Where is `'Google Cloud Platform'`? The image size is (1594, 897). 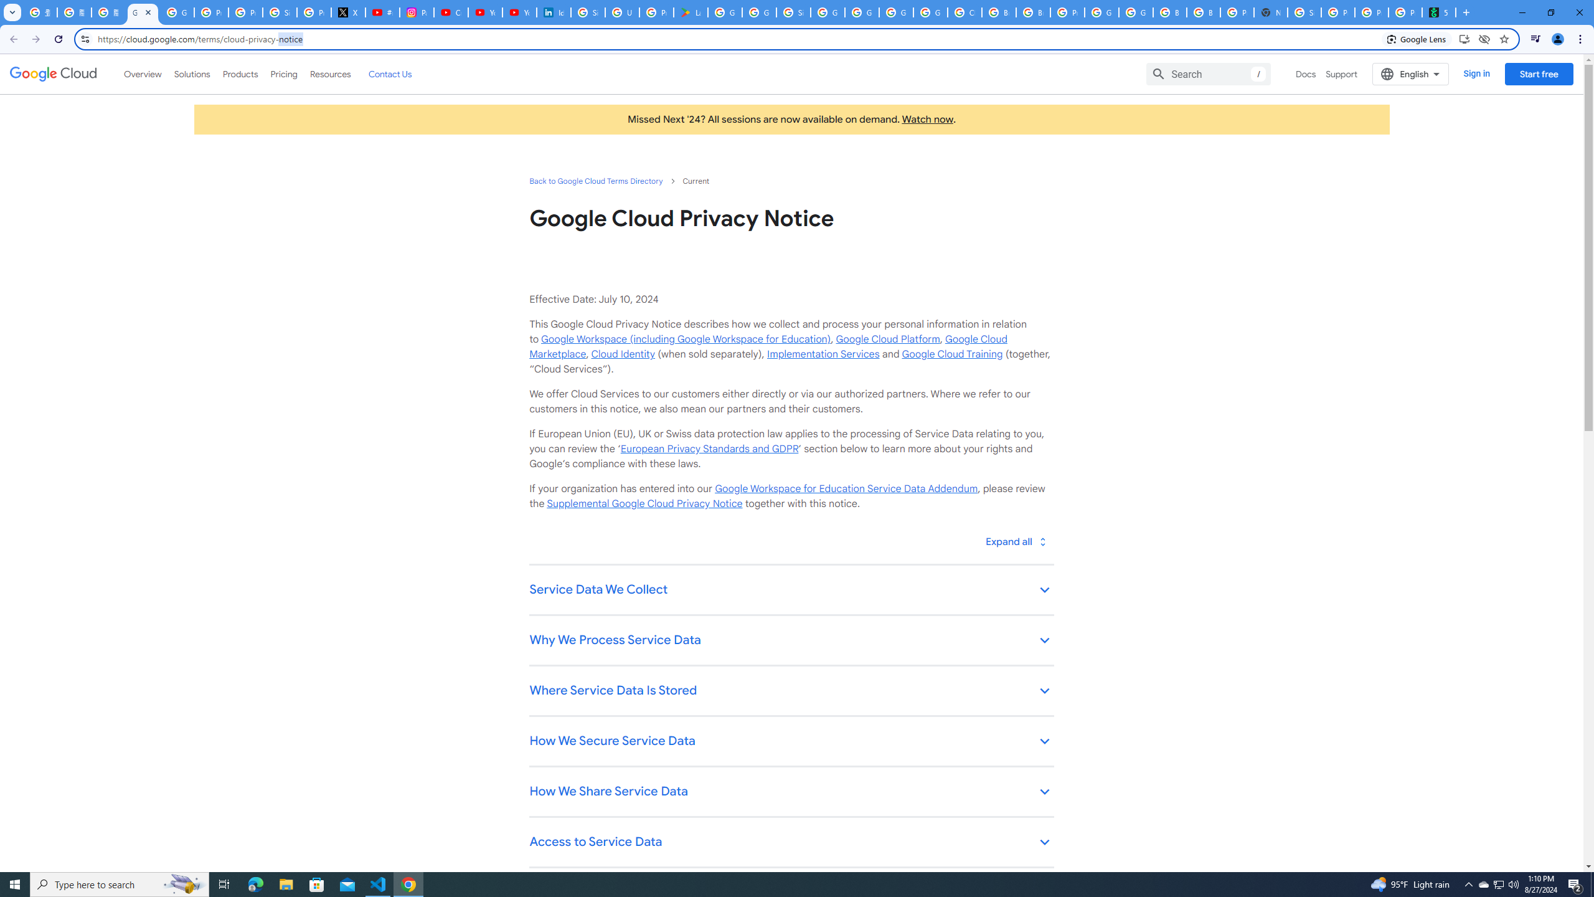 'Google Cloud Platform' is located at coordinates (887, 339).